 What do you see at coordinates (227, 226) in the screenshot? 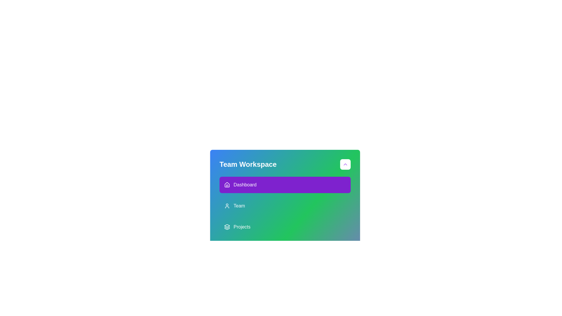
I see `the layered green-themed icon located to the left of the 'Projects' label in the sidebar menu` at bounding box center [227, 226].